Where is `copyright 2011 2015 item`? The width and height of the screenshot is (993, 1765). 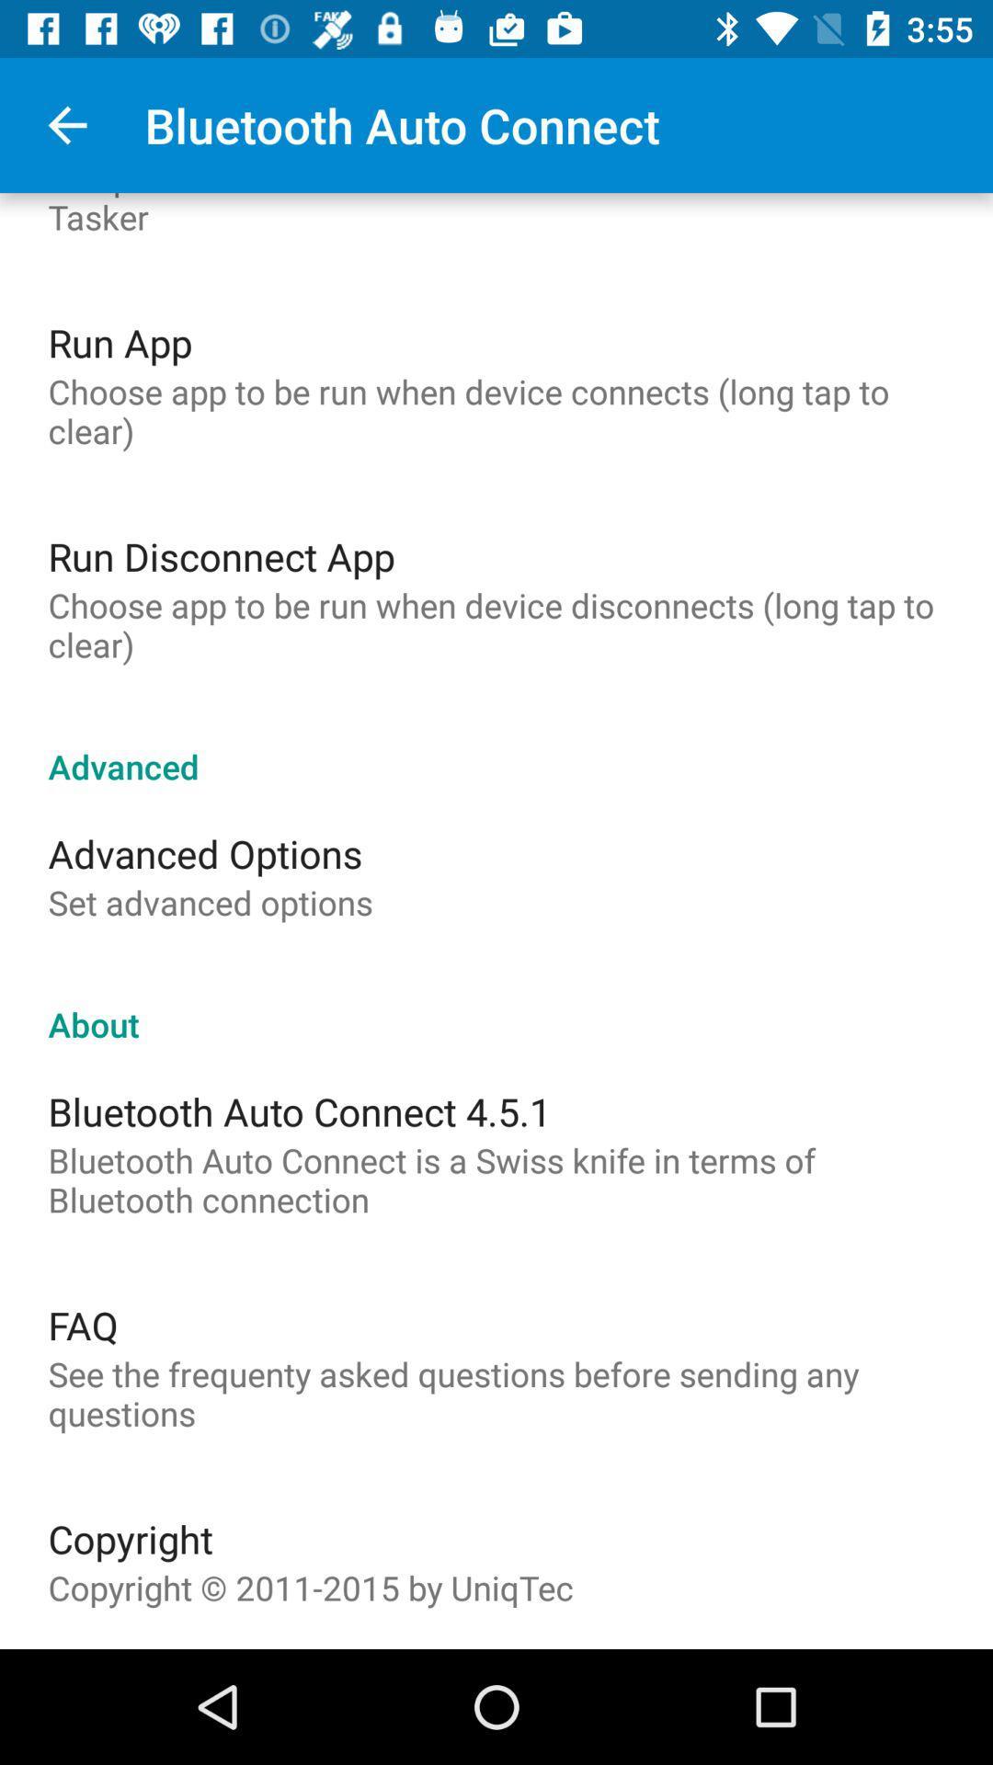
copyright 2011 2015 item is located at coordinates (310, 1587).